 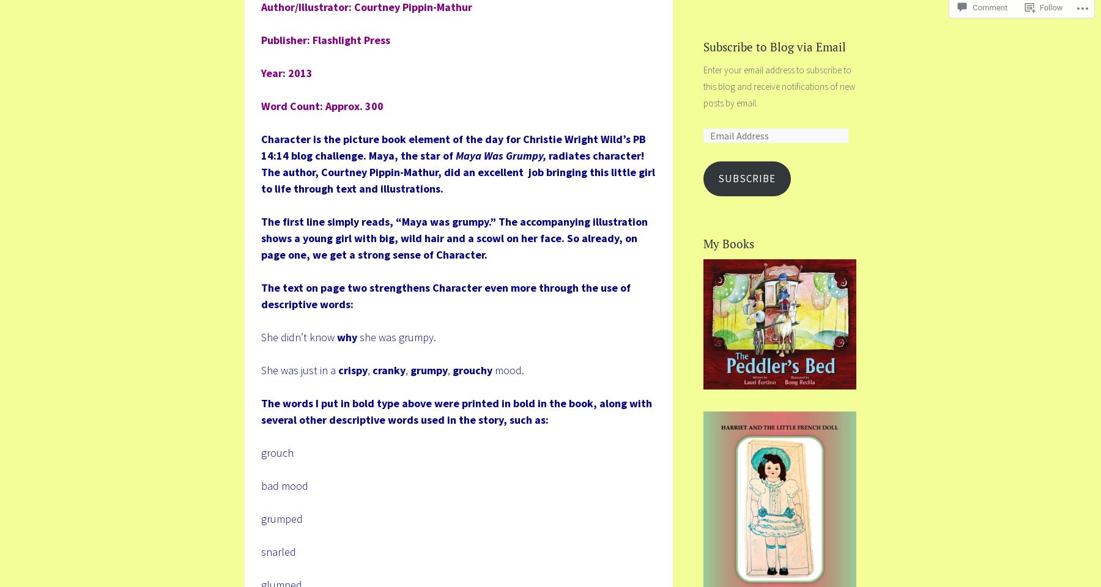 I want to click on 'why', so click(x=347, y=336).